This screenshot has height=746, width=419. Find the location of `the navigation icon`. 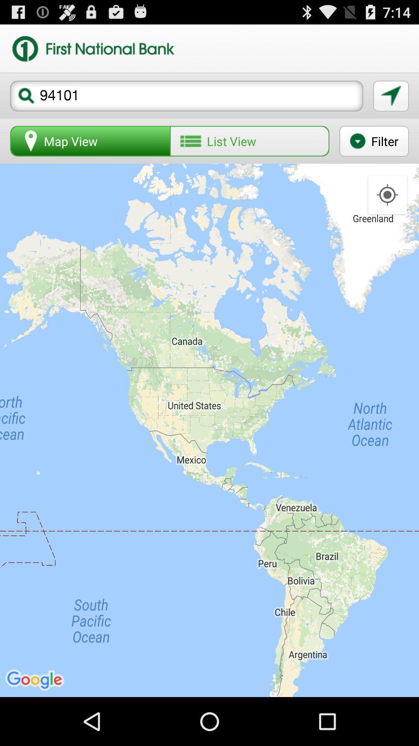

the navigation icon is located at coordinates (391, 102).